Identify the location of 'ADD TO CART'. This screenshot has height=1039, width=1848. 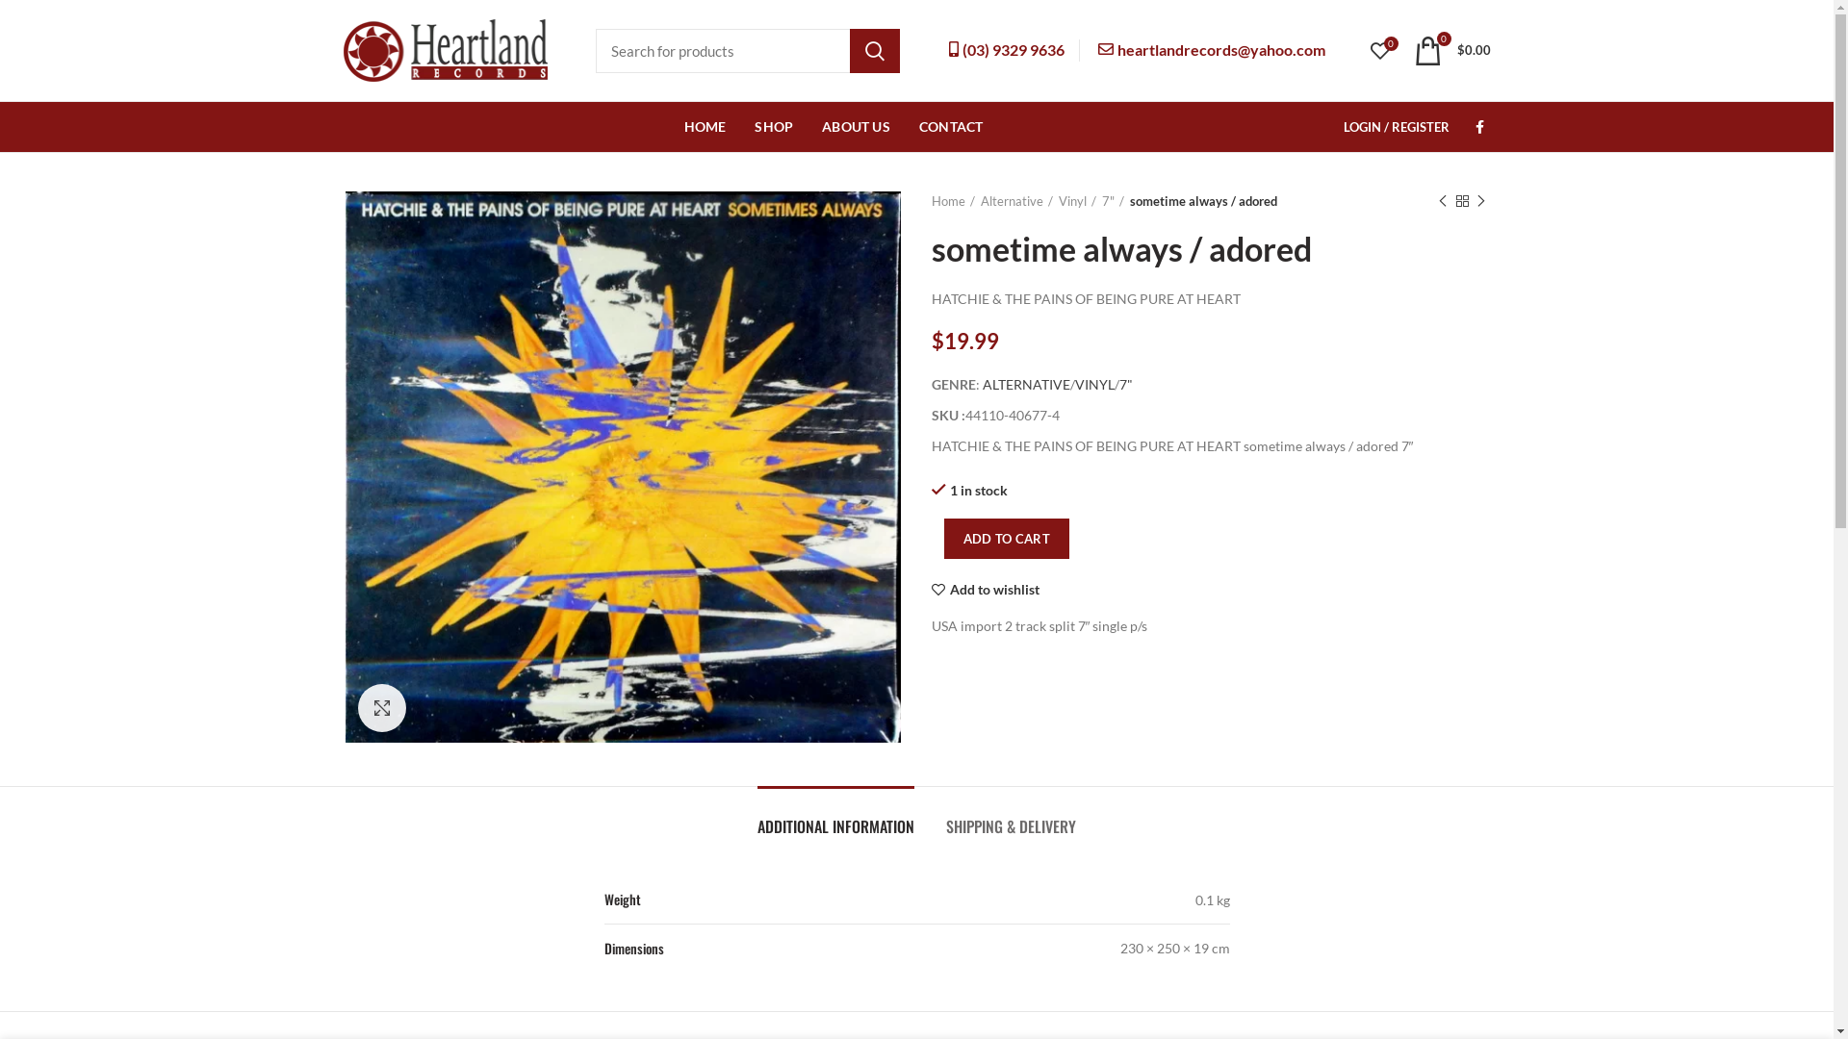
(1005, 538).